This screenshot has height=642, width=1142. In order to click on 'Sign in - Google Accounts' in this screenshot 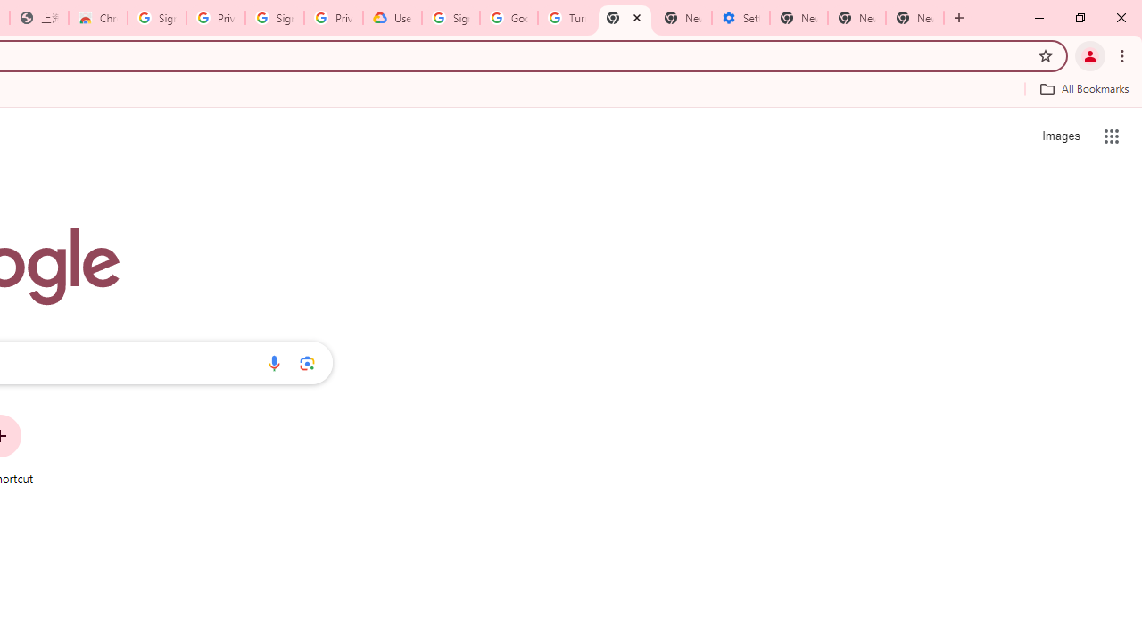, I will do `click(157, 18)`.